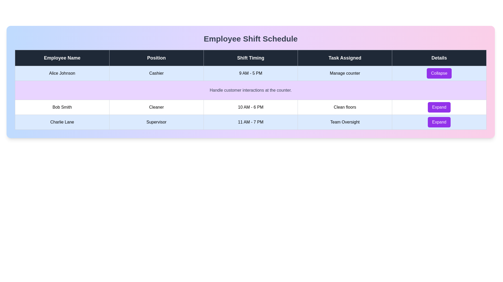 The image size is (503, 282). I want to click on the 'Manage counter' text display box, which is styled with a border and light background, located in the 'Task Assigned' column of the first row of the table-like structure, so click(345, 73).